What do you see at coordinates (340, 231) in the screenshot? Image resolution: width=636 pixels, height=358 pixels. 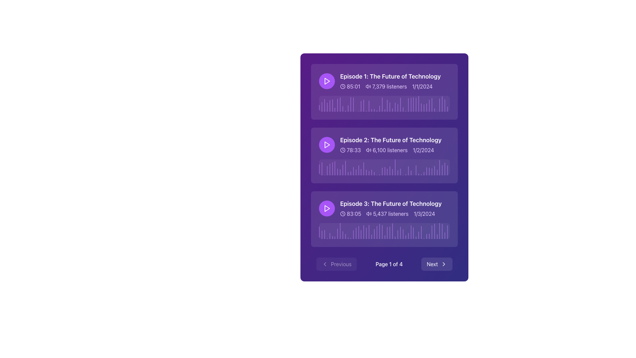 I see `the vertical bar styled with a semi-transparent purple background, which is the 9th from the left among similar vertical bars in the lower third of the interface` at bounding box center [340, 231].